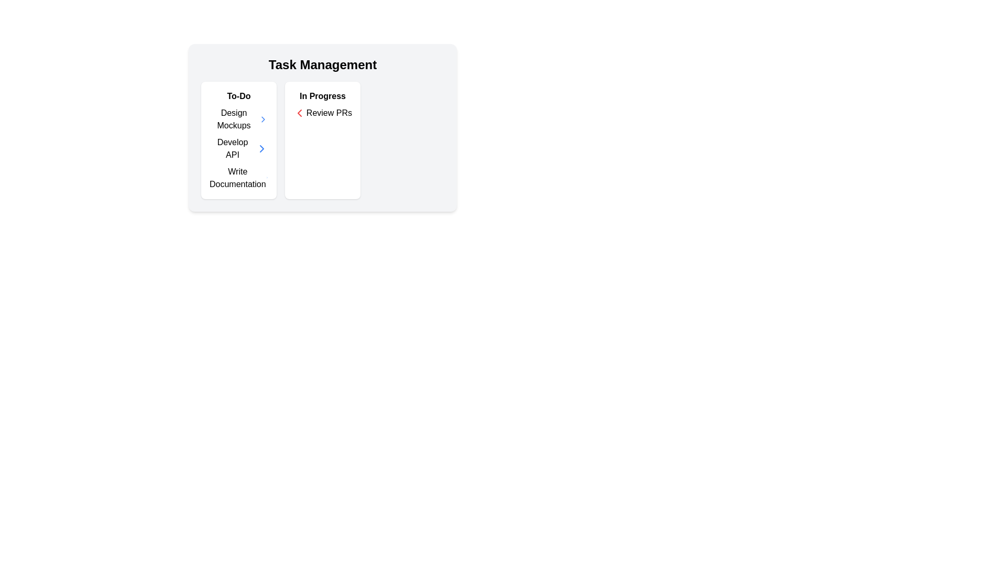 Image resolution: width=1006 pixels, height=566 pixels. What do you see at coordinates (329, 113) in the screenshot?
I see `the 'Review PRs' text label within the 'In Progress' section of the Task Management interface` at bounding box center [329, 113].